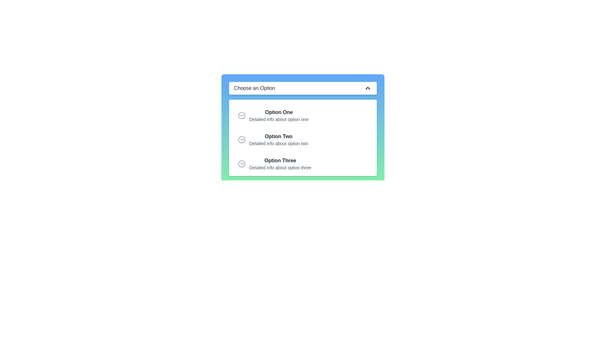  What do you see at coordinates (278, 143) in the screenshot?
I see `the text label reading 'Detailed info about option two', which is styled in gray and positioned below the bold text 'Option Two'` at bounding box center [278, 143].